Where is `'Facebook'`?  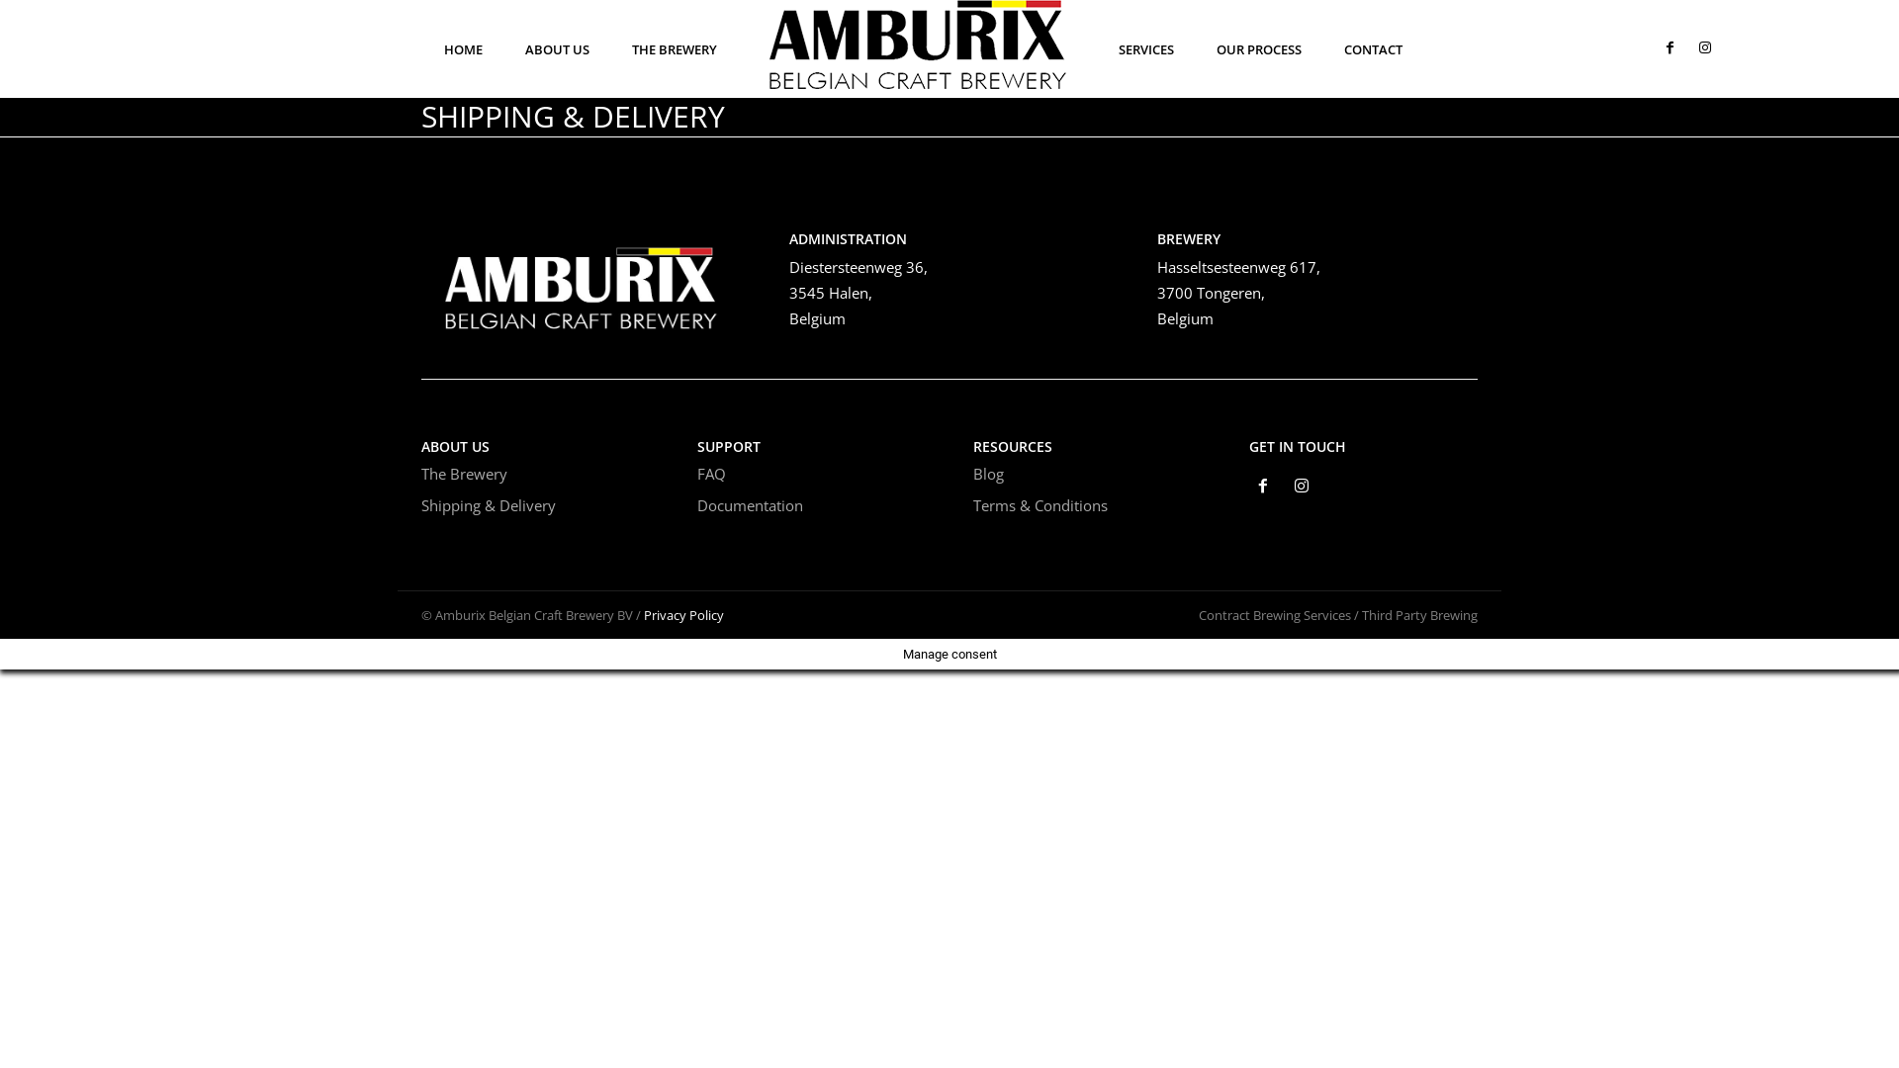
'Facebook' is located at coordinates (1669, 47).